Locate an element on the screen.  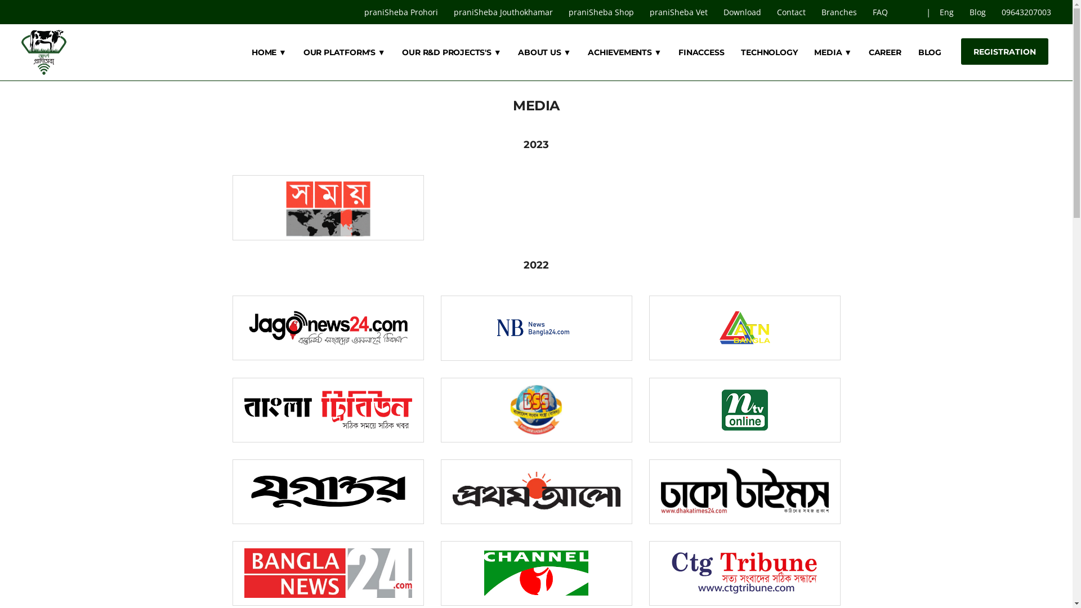
'CAREER' is located at coordinates (884, 52).